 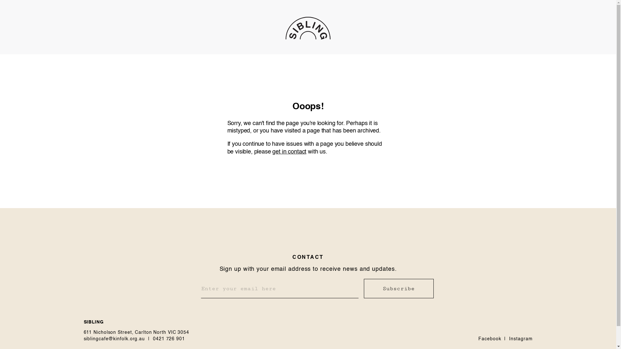 What do you see at coordinates (520, 339) in the screenshot?
I see `'Instagram'` at bounding box center [520, 339].